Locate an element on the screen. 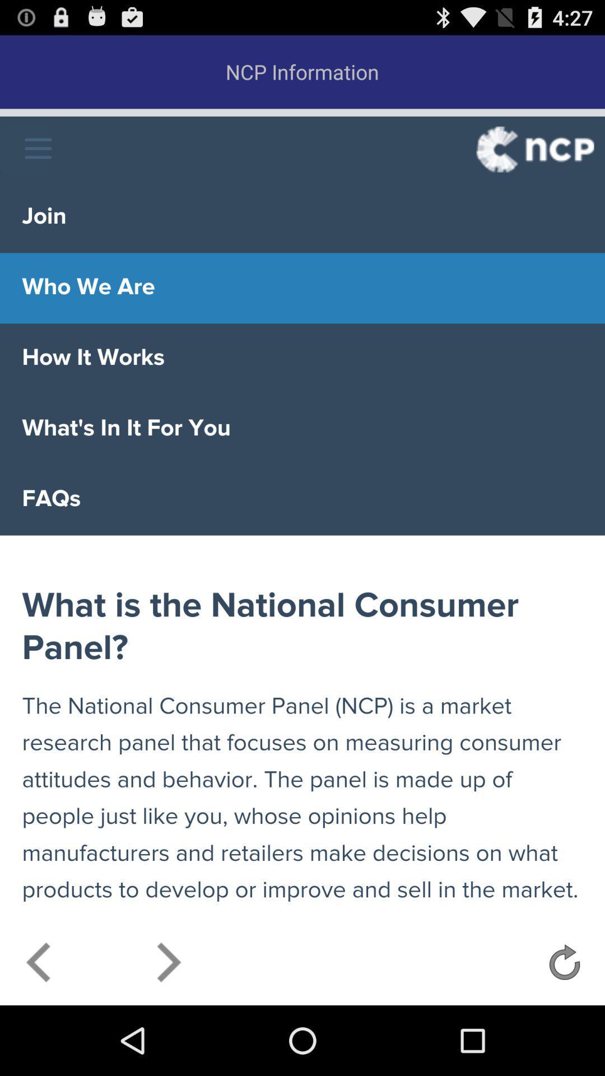 The image size is (605, 1076). back is located at coordinates (39, 965).